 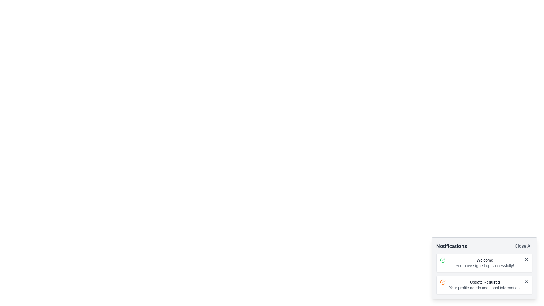 I want to click on the greeting message in the top notification box of the 'Notifications' section, which indicates successful action after signing up, so click(x=484, y=260).